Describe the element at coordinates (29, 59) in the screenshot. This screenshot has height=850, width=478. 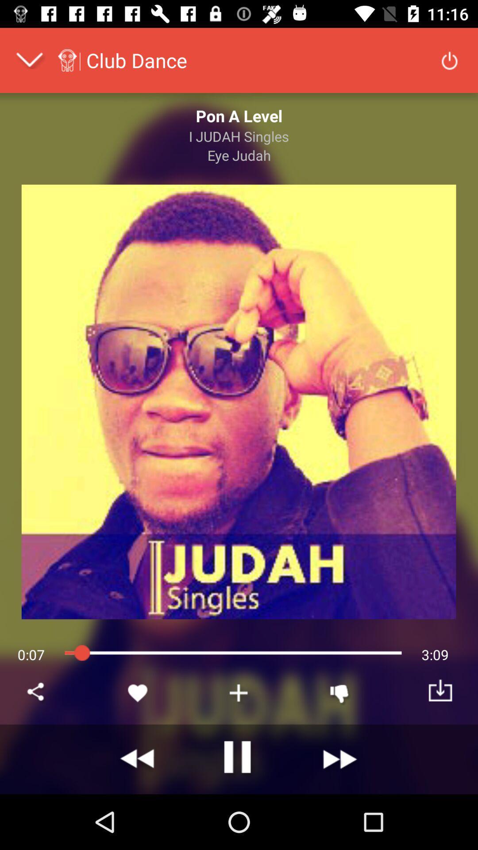
I see `drop down menu` at that location.